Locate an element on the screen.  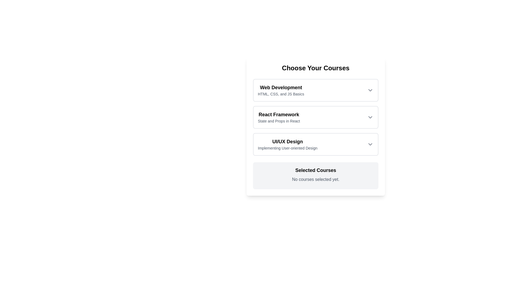
the 'Web Development' course option button is located at coordinates (315, 90).